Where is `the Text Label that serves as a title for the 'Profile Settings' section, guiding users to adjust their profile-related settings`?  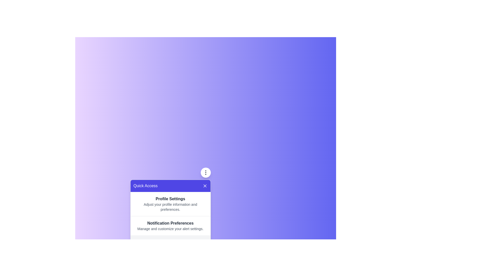
the Text Label that serves as a title for the 'Profile Settings' section, guiding users to adjust their profile-related settings is located at coordinates (170, 199).